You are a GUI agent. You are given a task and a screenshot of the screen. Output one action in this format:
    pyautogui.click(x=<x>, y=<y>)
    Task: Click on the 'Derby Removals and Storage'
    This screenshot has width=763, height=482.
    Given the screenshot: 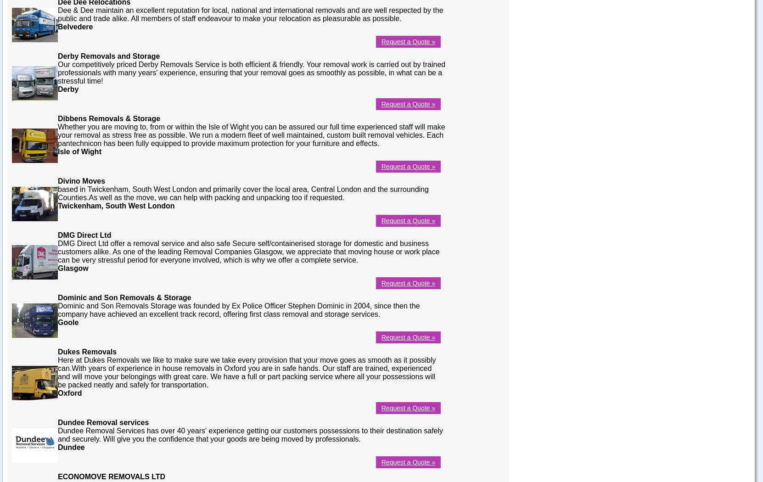 What is the action you would take?
    pyautogui.click(x=108, y=55)
    